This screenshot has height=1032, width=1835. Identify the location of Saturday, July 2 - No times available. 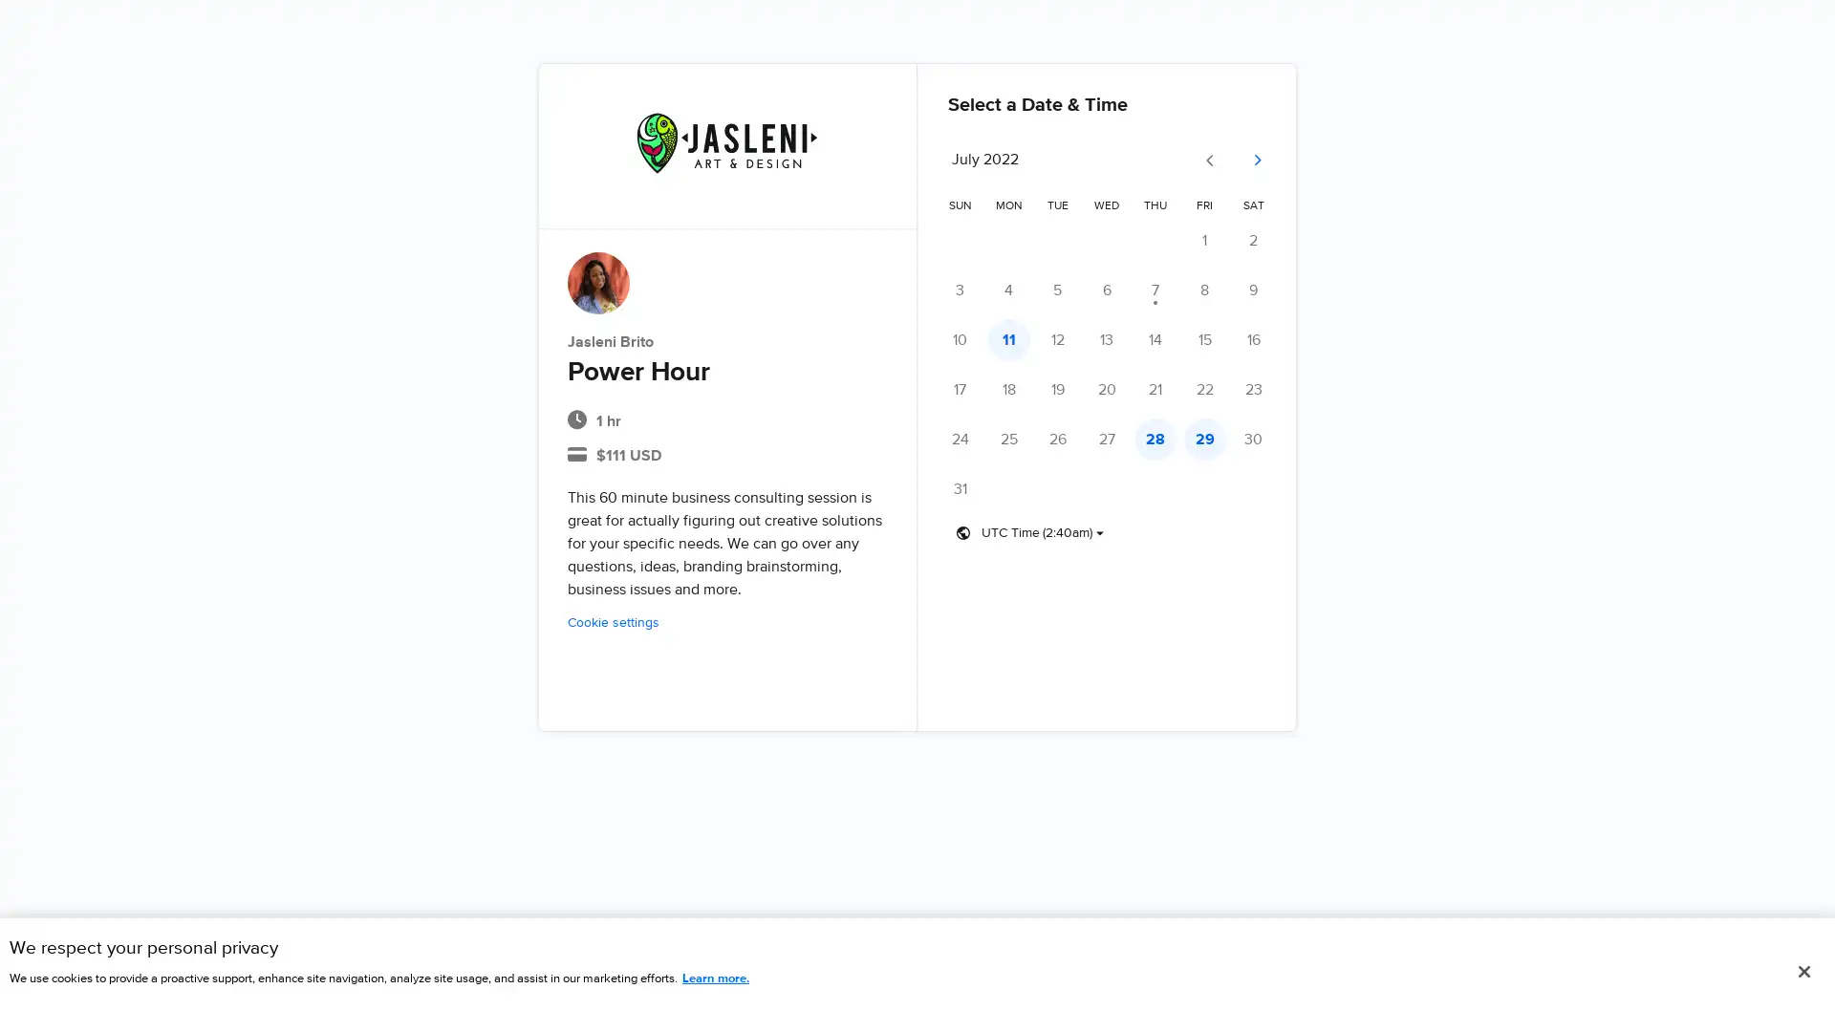
(1256, 239).